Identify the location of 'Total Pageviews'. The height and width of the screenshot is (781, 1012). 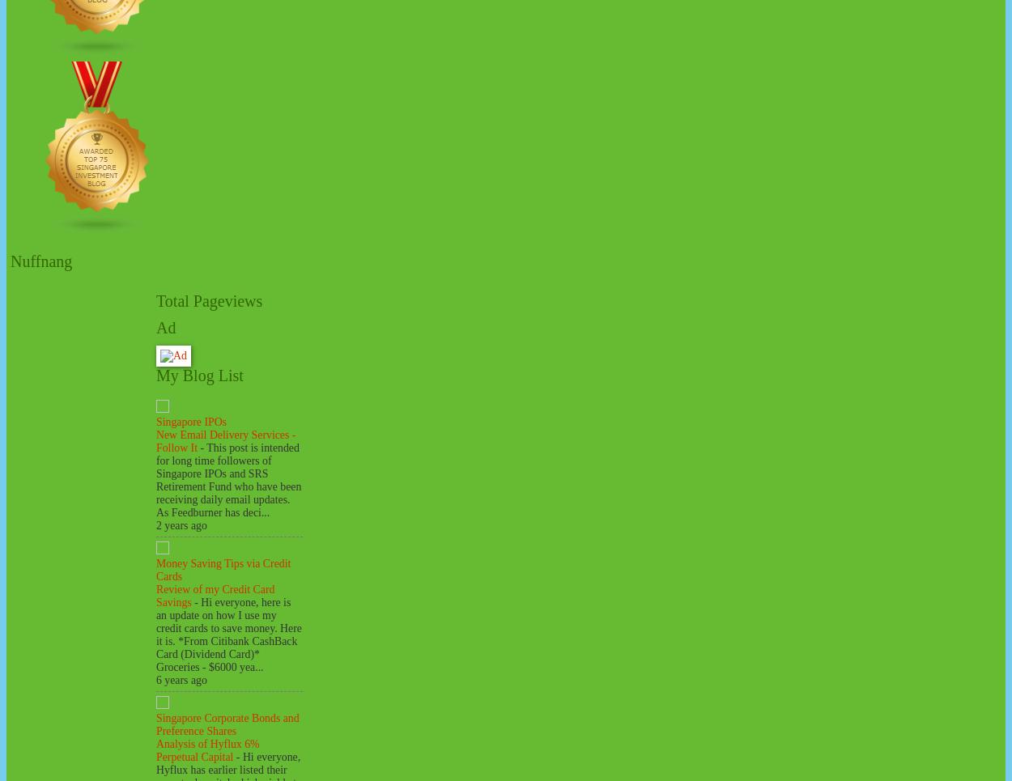
(209, 300).